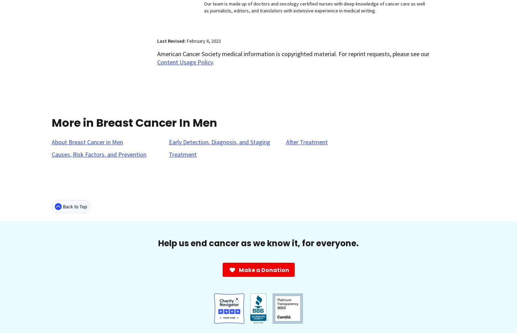 The width and height of the screenshot is (517, 333). Describe the element at coordinates (264, 269) in the screenshot. I see `'Make a Donation'` at that location.